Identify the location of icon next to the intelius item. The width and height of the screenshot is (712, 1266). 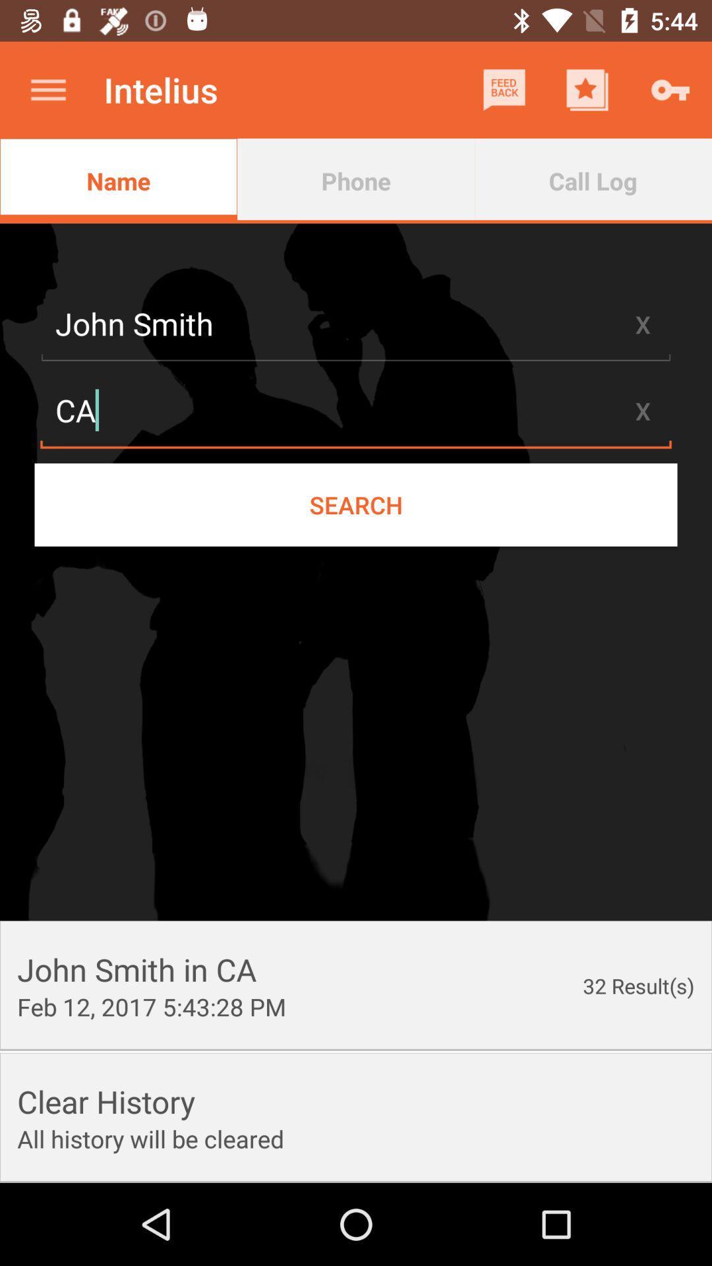
(504, 89).